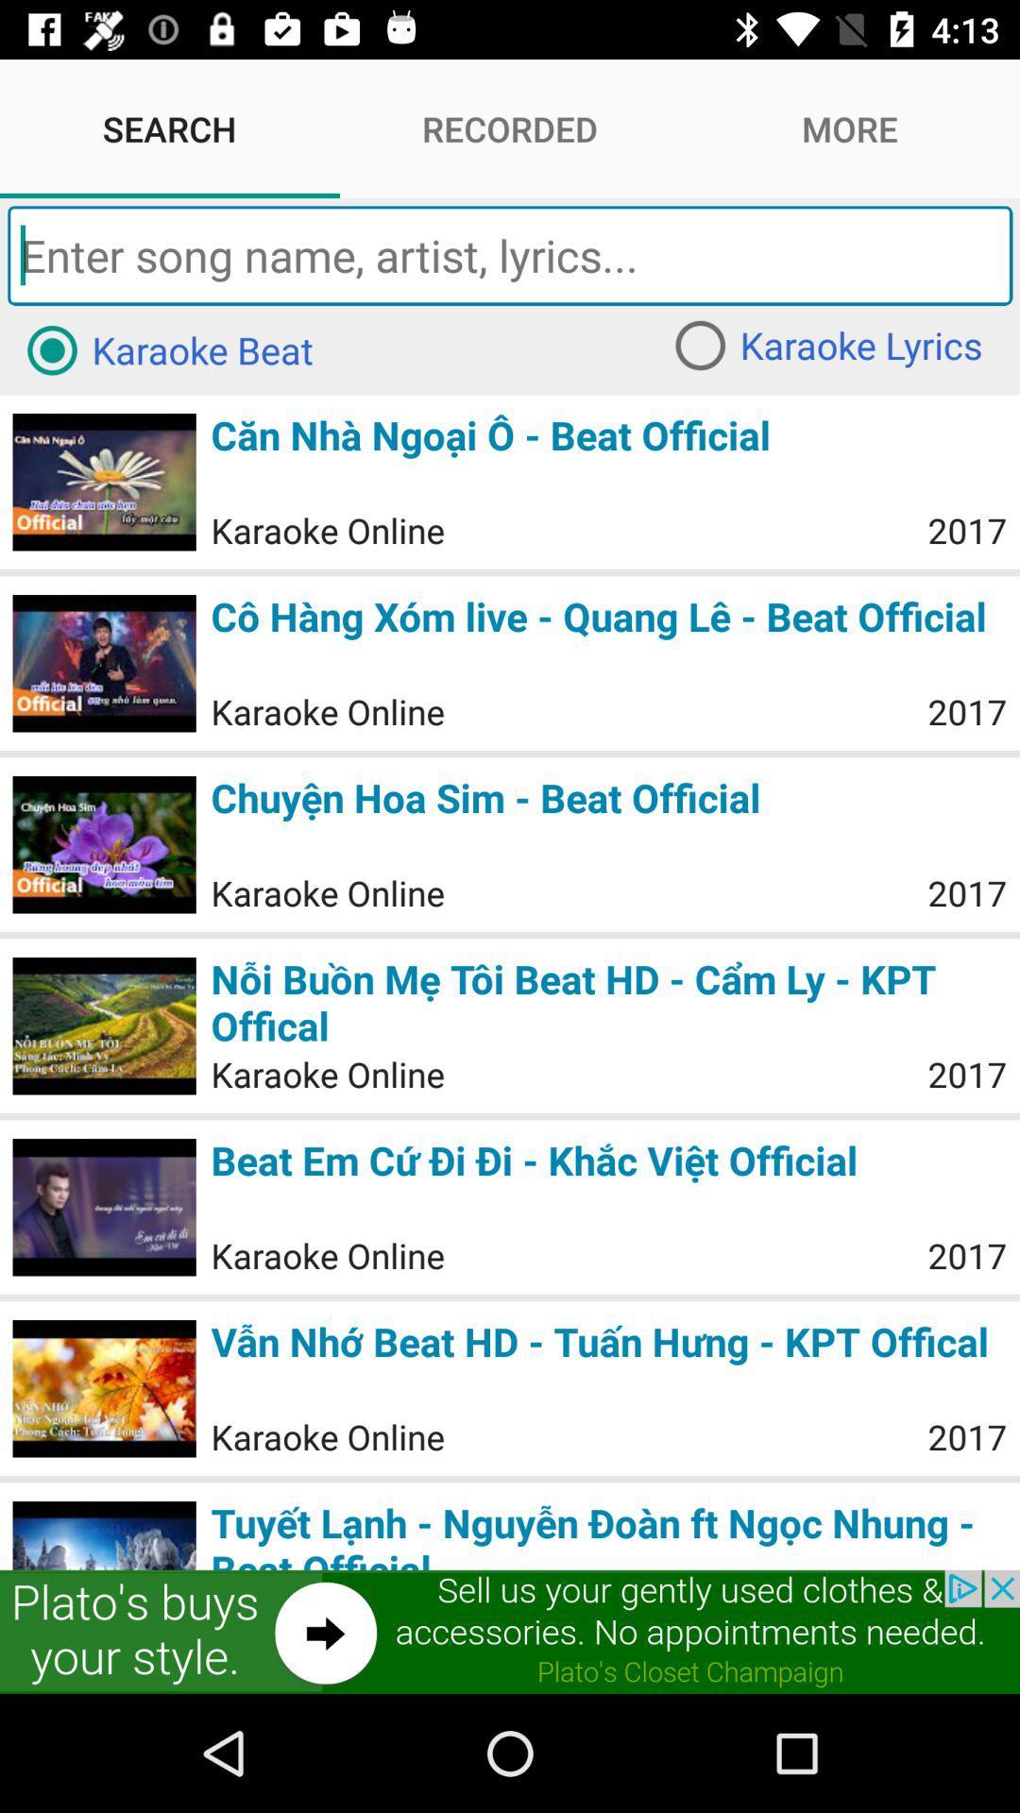  What do you see at coordinates (510, 254) in the screenshot?
I see `the name artist song or lyrics` at bounding box center [510, 254].